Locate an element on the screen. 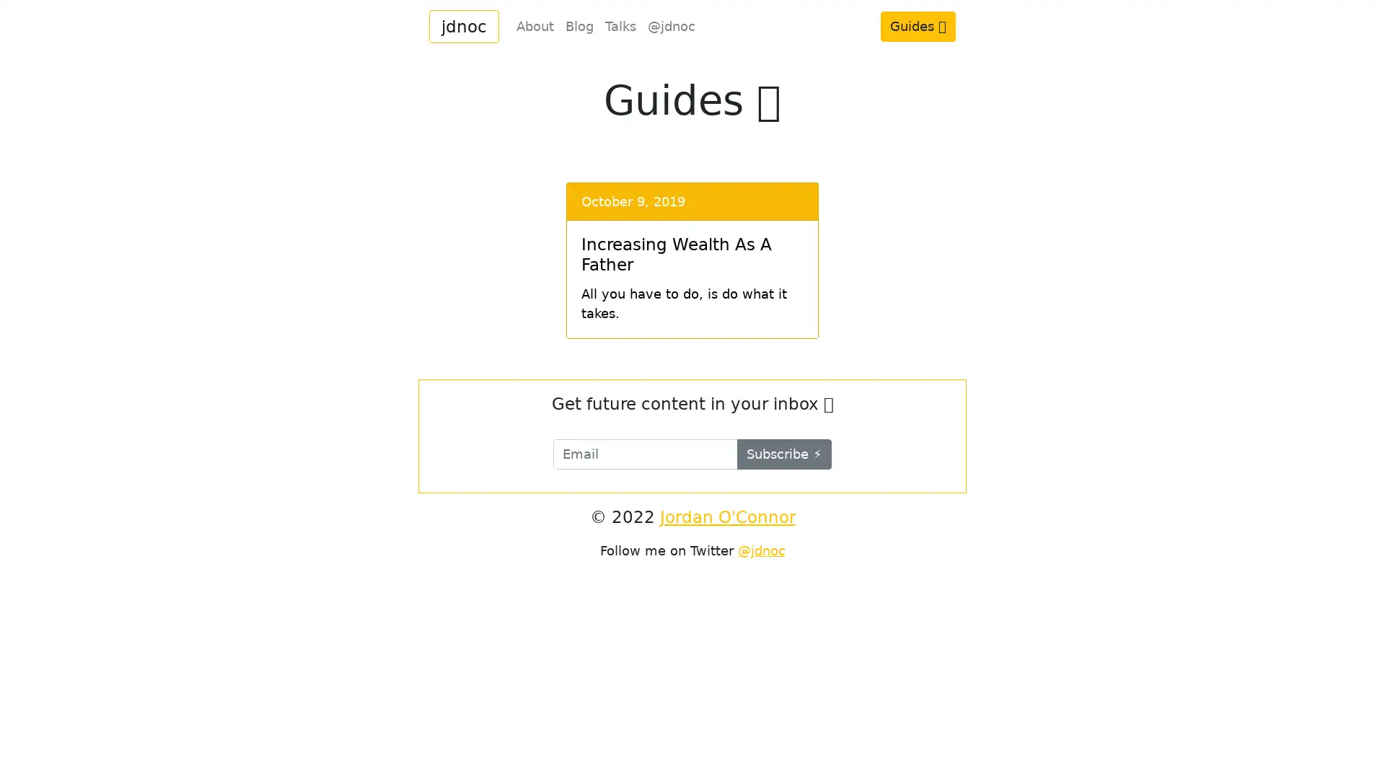  Guides is located at coordinates (917, 26).